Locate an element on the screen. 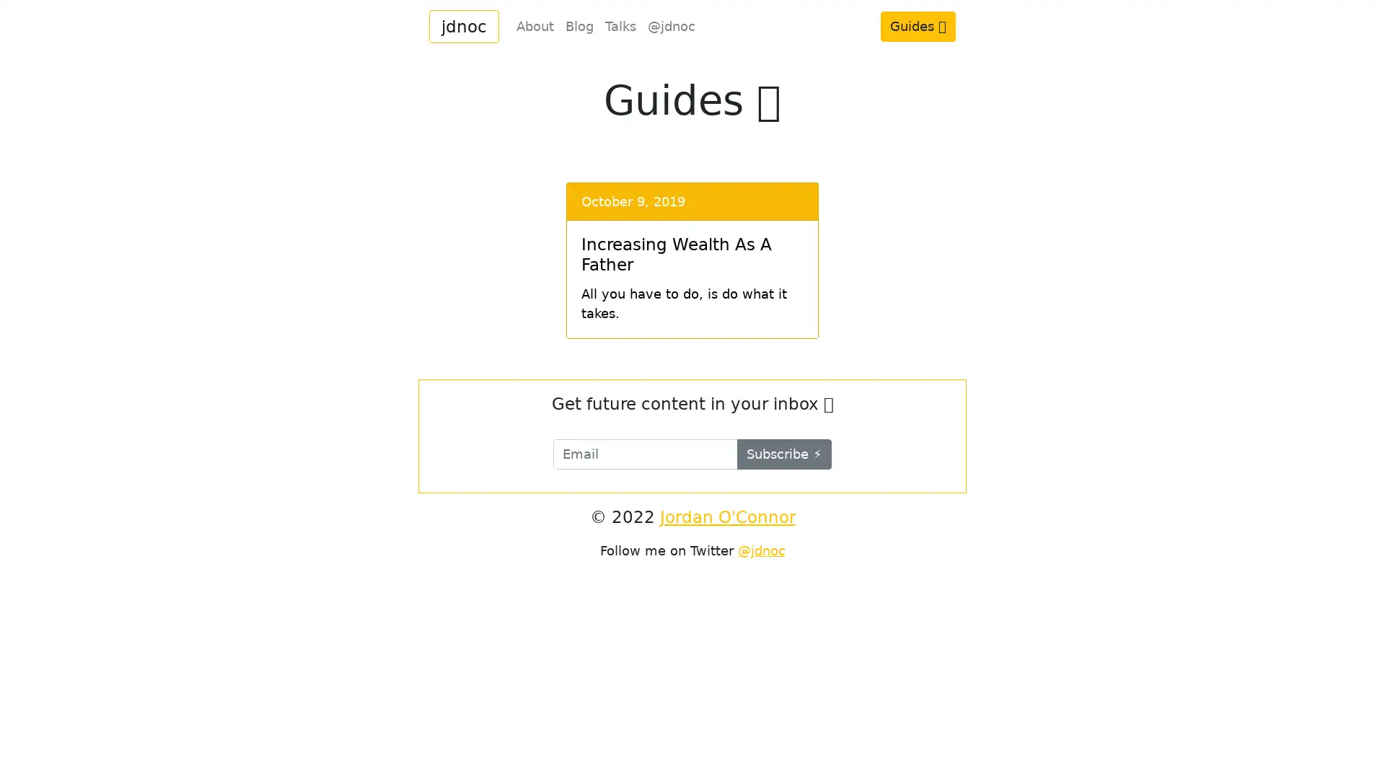  Guides is located at coordinates (917, 26).